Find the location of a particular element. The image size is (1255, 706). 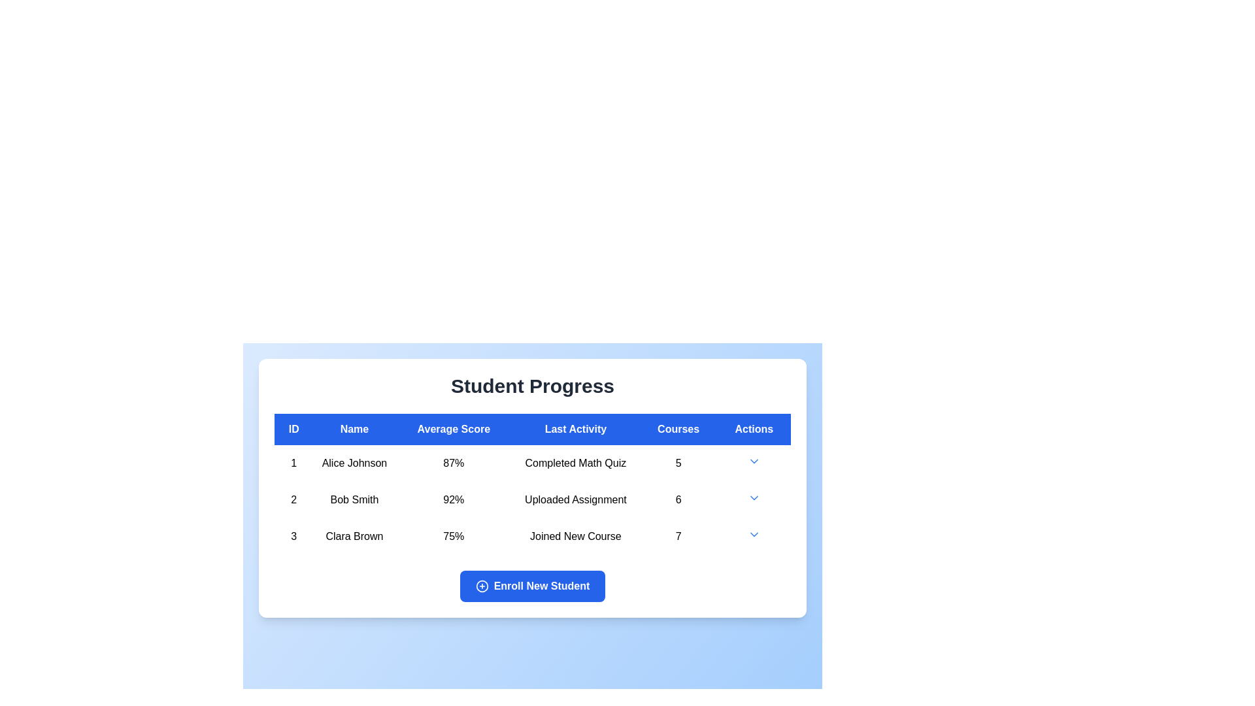

the 'Last Activity' text label, which is part of a structured data table and is positioned between the 'Average Score' and 'Courses' headers is located at coordinates (575, 429).